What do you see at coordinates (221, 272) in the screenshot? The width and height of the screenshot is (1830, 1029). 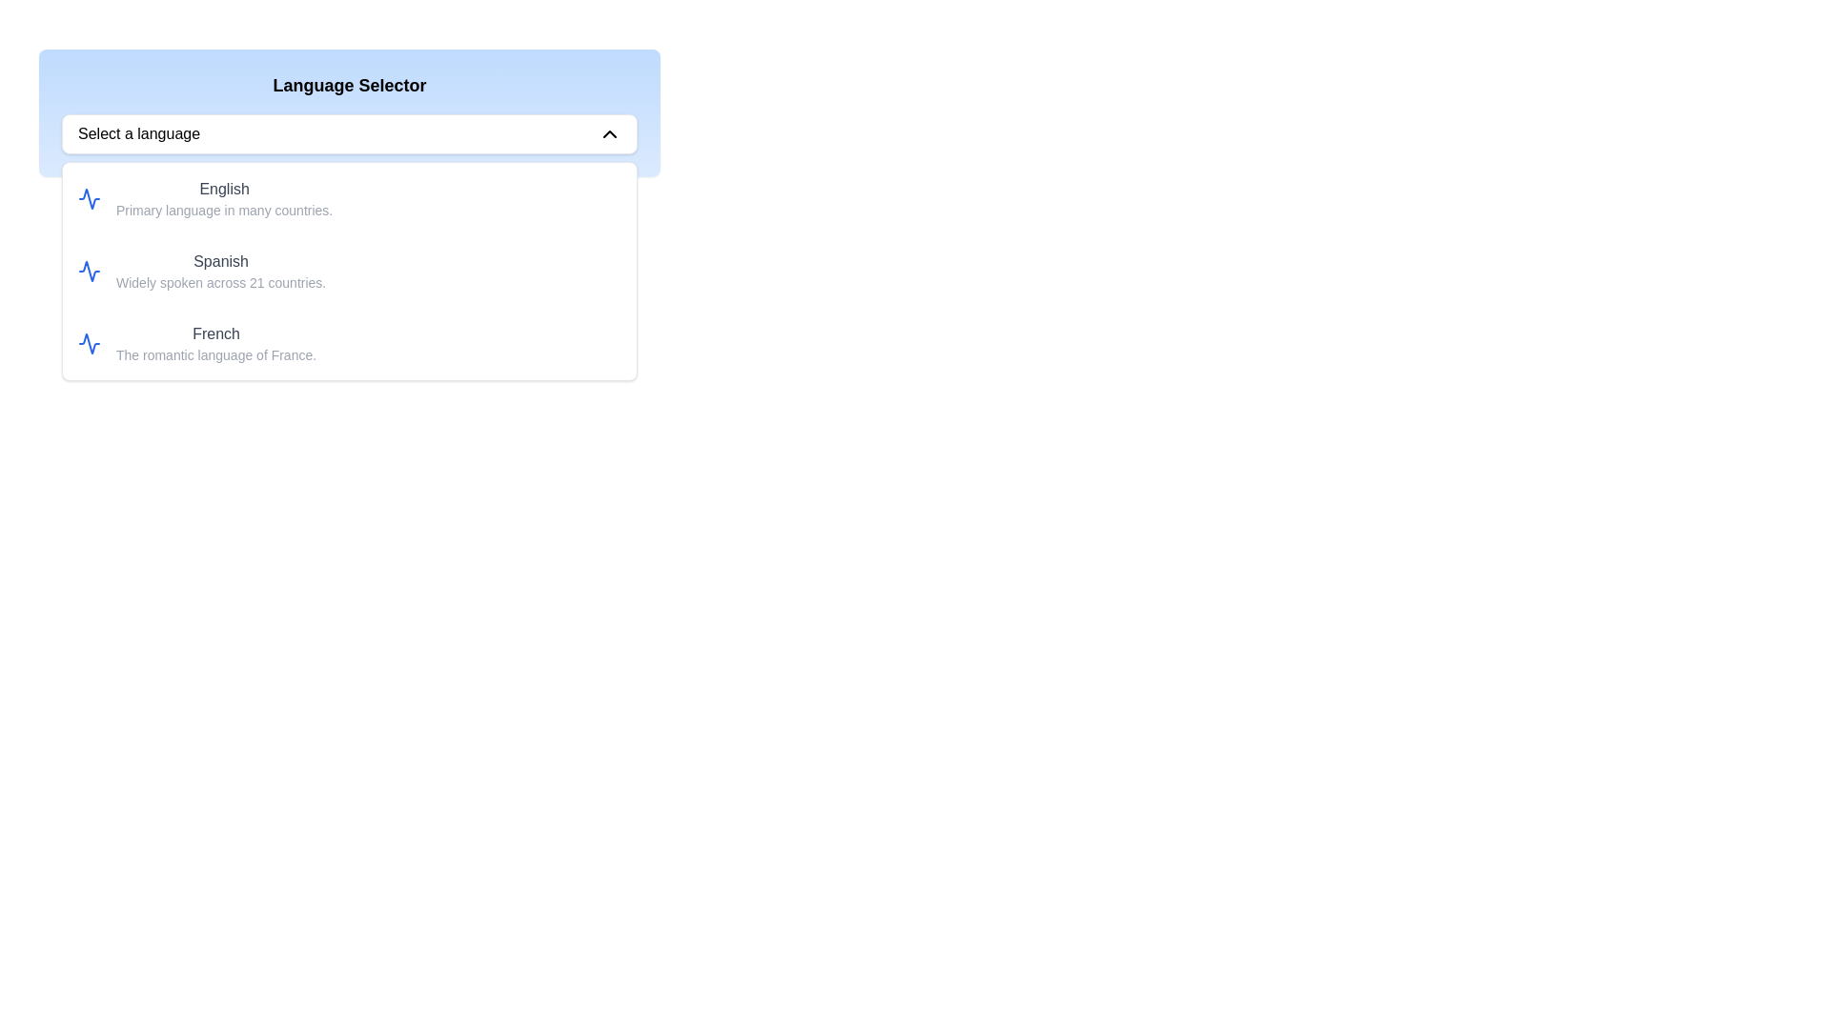 I see `the list item displaying 'Spanish' in the Language Selector dropdown` at bounding box center [221, 272].